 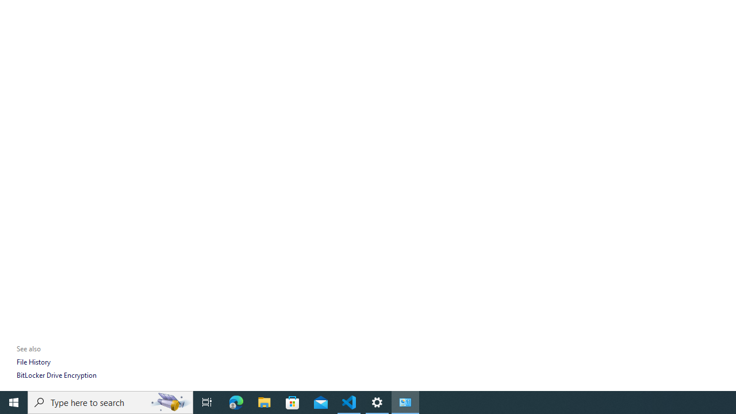 What do you see at coordinates (405, 401) in the screenshot?
I see `'Control Panel - 1 running window'` at bounding box center [405, 401].